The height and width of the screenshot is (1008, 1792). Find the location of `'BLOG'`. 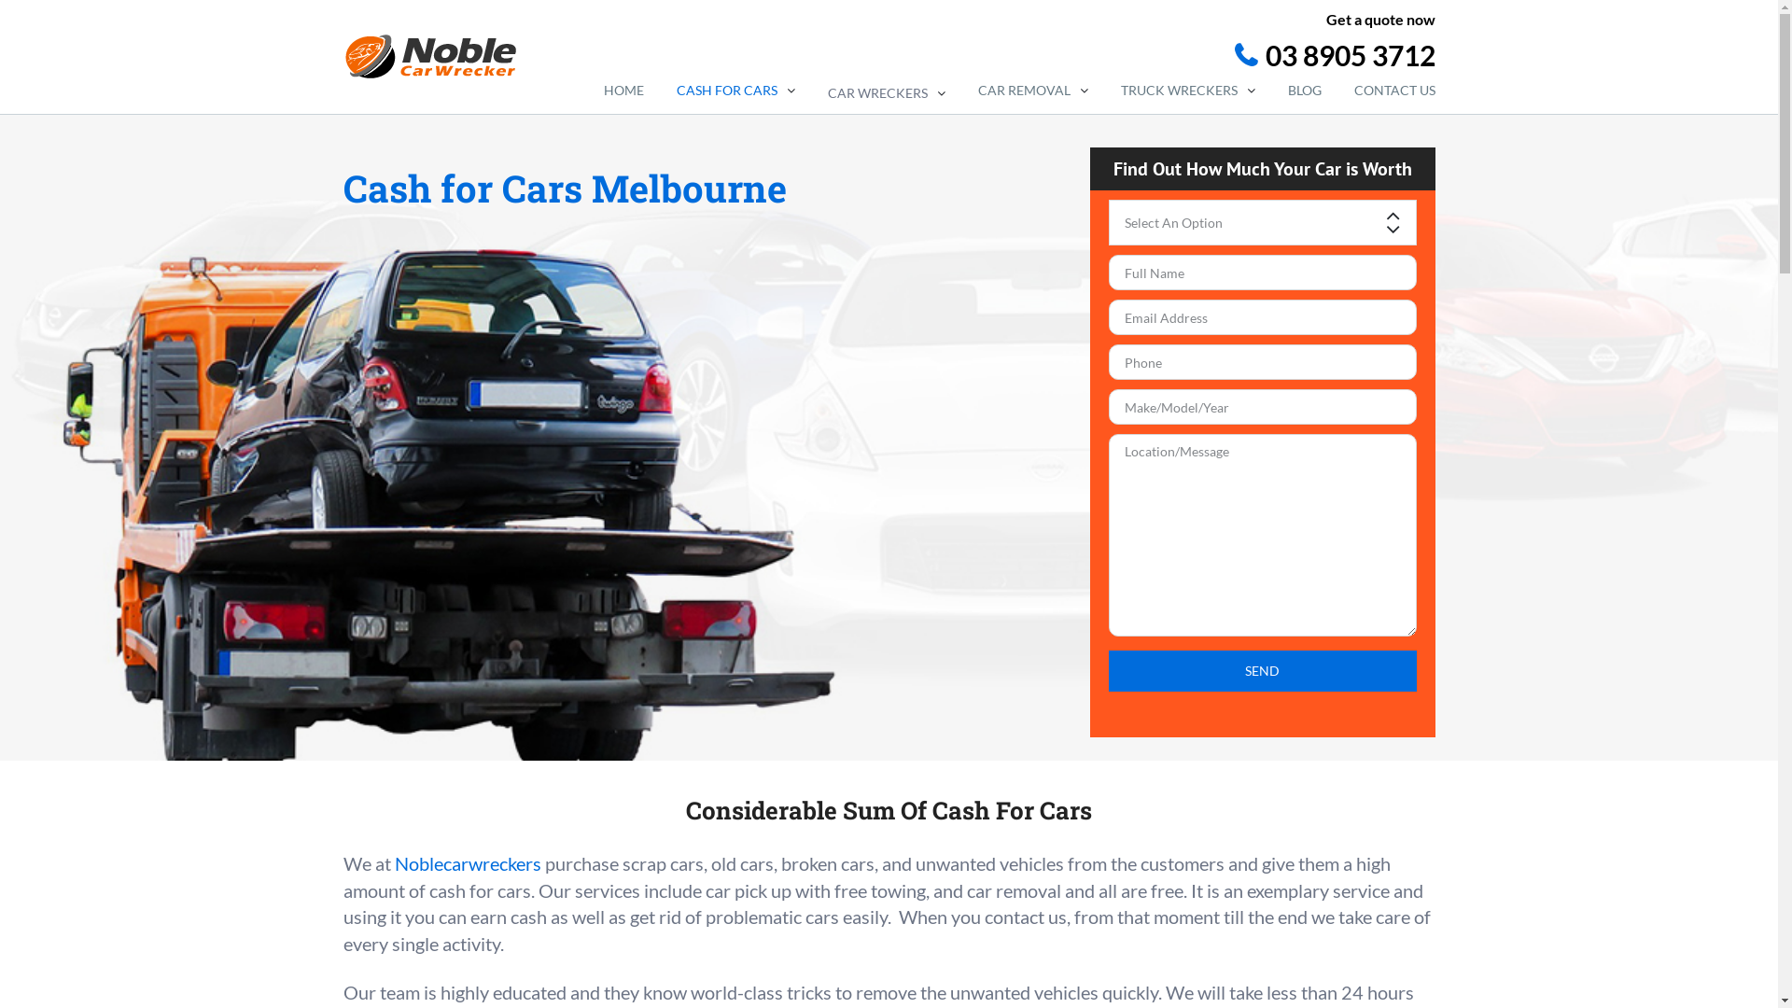

'BLOG' is located at coordinates (1303, 90).